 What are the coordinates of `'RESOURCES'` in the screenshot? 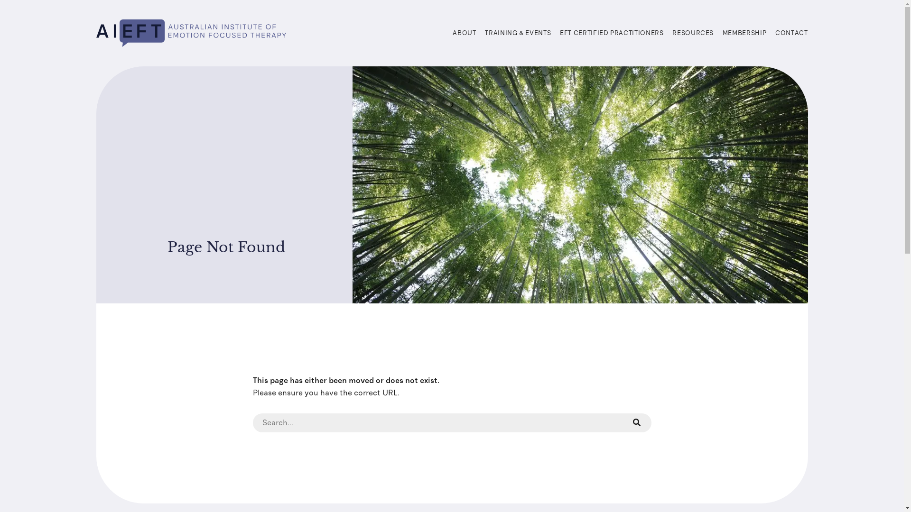 It's located at (693, 32).